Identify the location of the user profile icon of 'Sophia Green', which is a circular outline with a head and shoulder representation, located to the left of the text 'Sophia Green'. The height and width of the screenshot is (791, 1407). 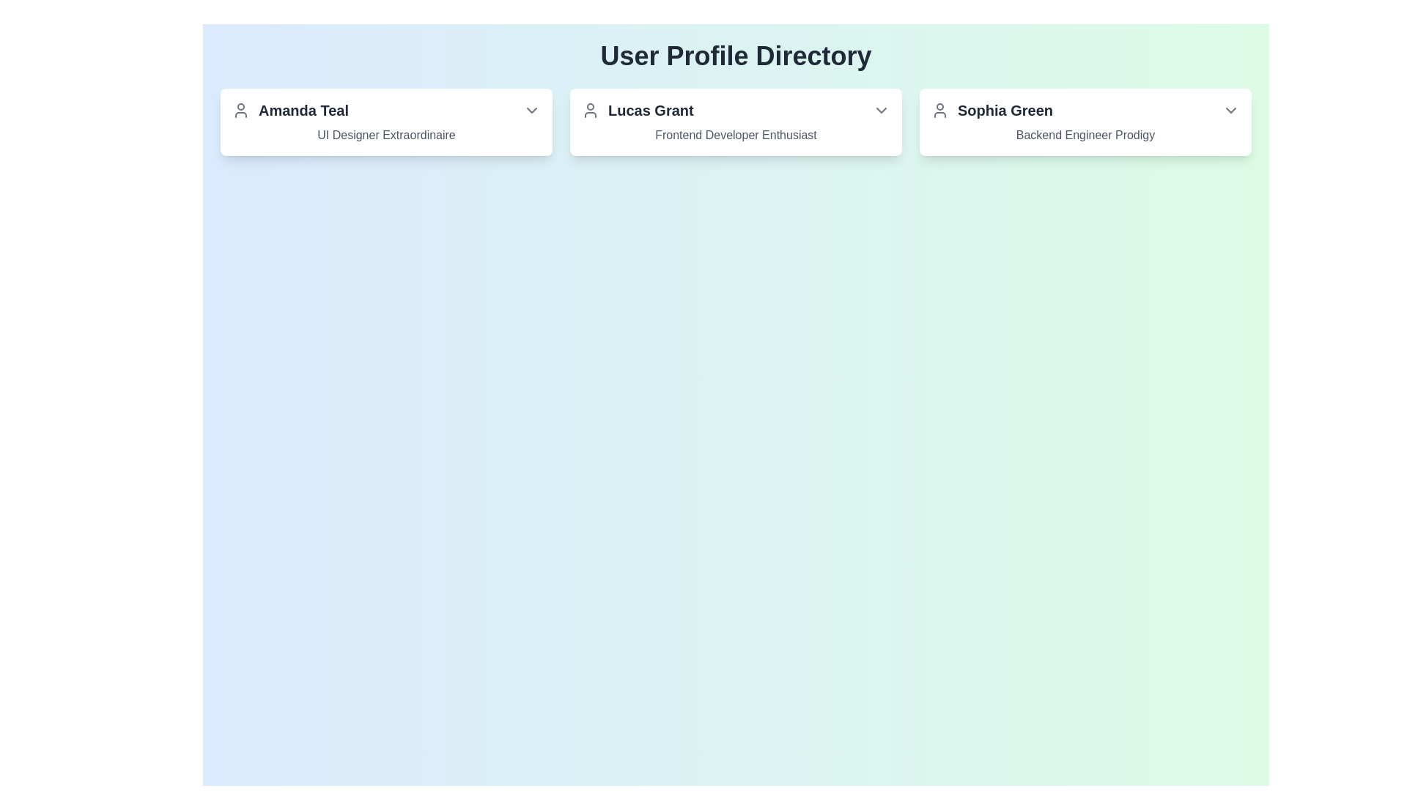
(939, 109).